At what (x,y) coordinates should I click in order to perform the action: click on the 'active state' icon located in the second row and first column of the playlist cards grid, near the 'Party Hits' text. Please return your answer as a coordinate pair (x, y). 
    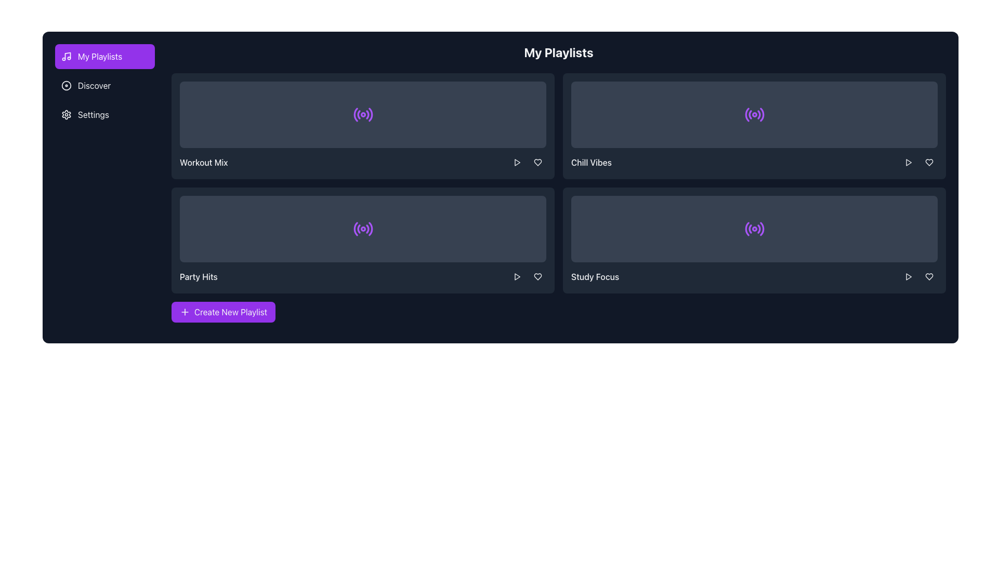
    Looking at the image, I should click on (363, 228).